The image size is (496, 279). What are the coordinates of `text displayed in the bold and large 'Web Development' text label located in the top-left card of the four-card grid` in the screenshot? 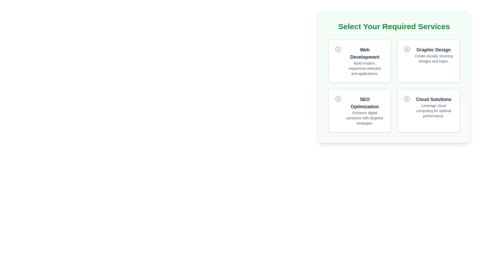 It's located at (365, 53).